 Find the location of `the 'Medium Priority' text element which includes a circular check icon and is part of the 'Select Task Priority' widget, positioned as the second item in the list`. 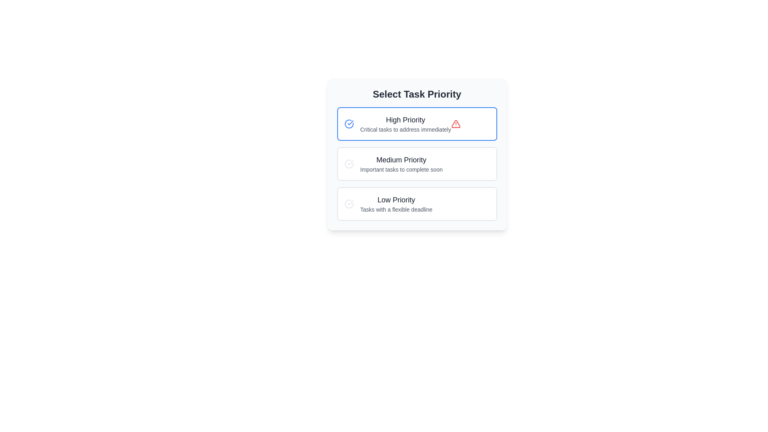

the 'Medium Priority' text element which includes a circular check icon and is part of the 'Select Task Priority' widget, positioned as the second item in the list is located at coordinates (393, 163).